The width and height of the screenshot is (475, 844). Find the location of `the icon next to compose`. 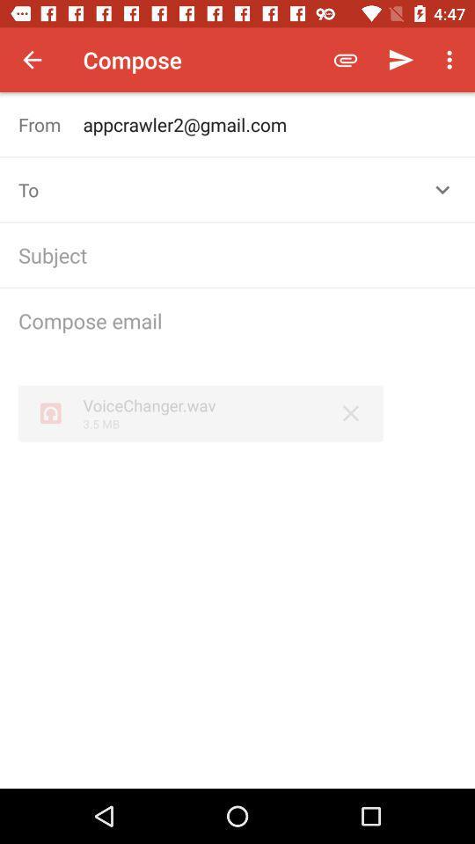

the icon next to compose is located at coordinates (346, 60).